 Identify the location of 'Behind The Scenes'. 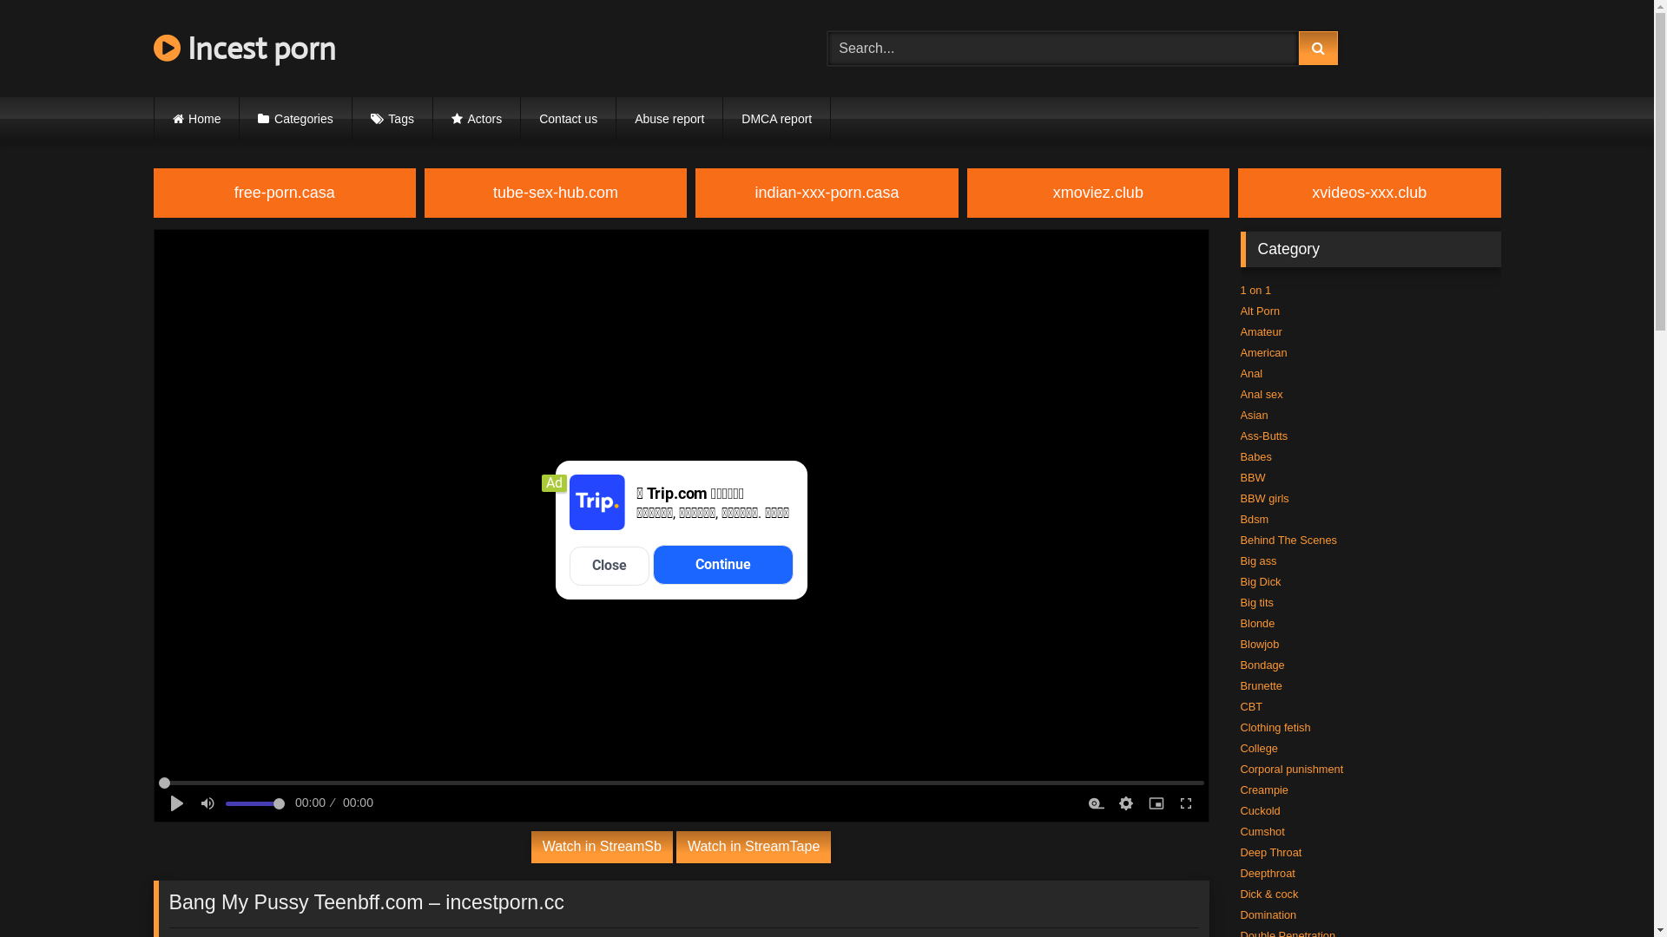
(1239, 539).